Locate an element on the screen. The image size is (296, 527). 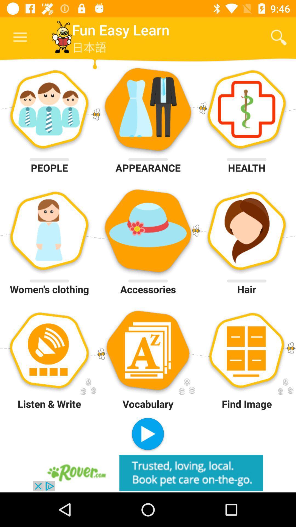
icon to the right of the fun easy learn item is located at coordinates (279, 37).